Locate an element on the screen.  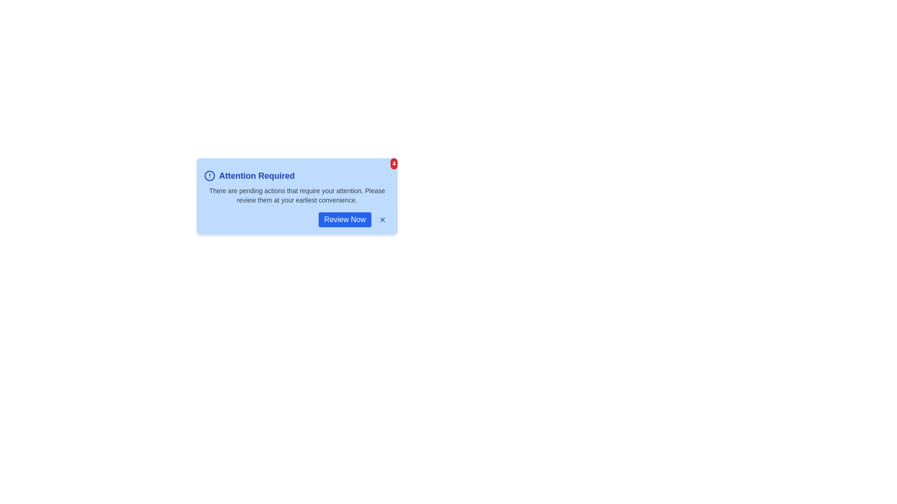
the cross or 'X' icon located at the bottom-right corner of the notification interface is located at coordinates (383, 219).